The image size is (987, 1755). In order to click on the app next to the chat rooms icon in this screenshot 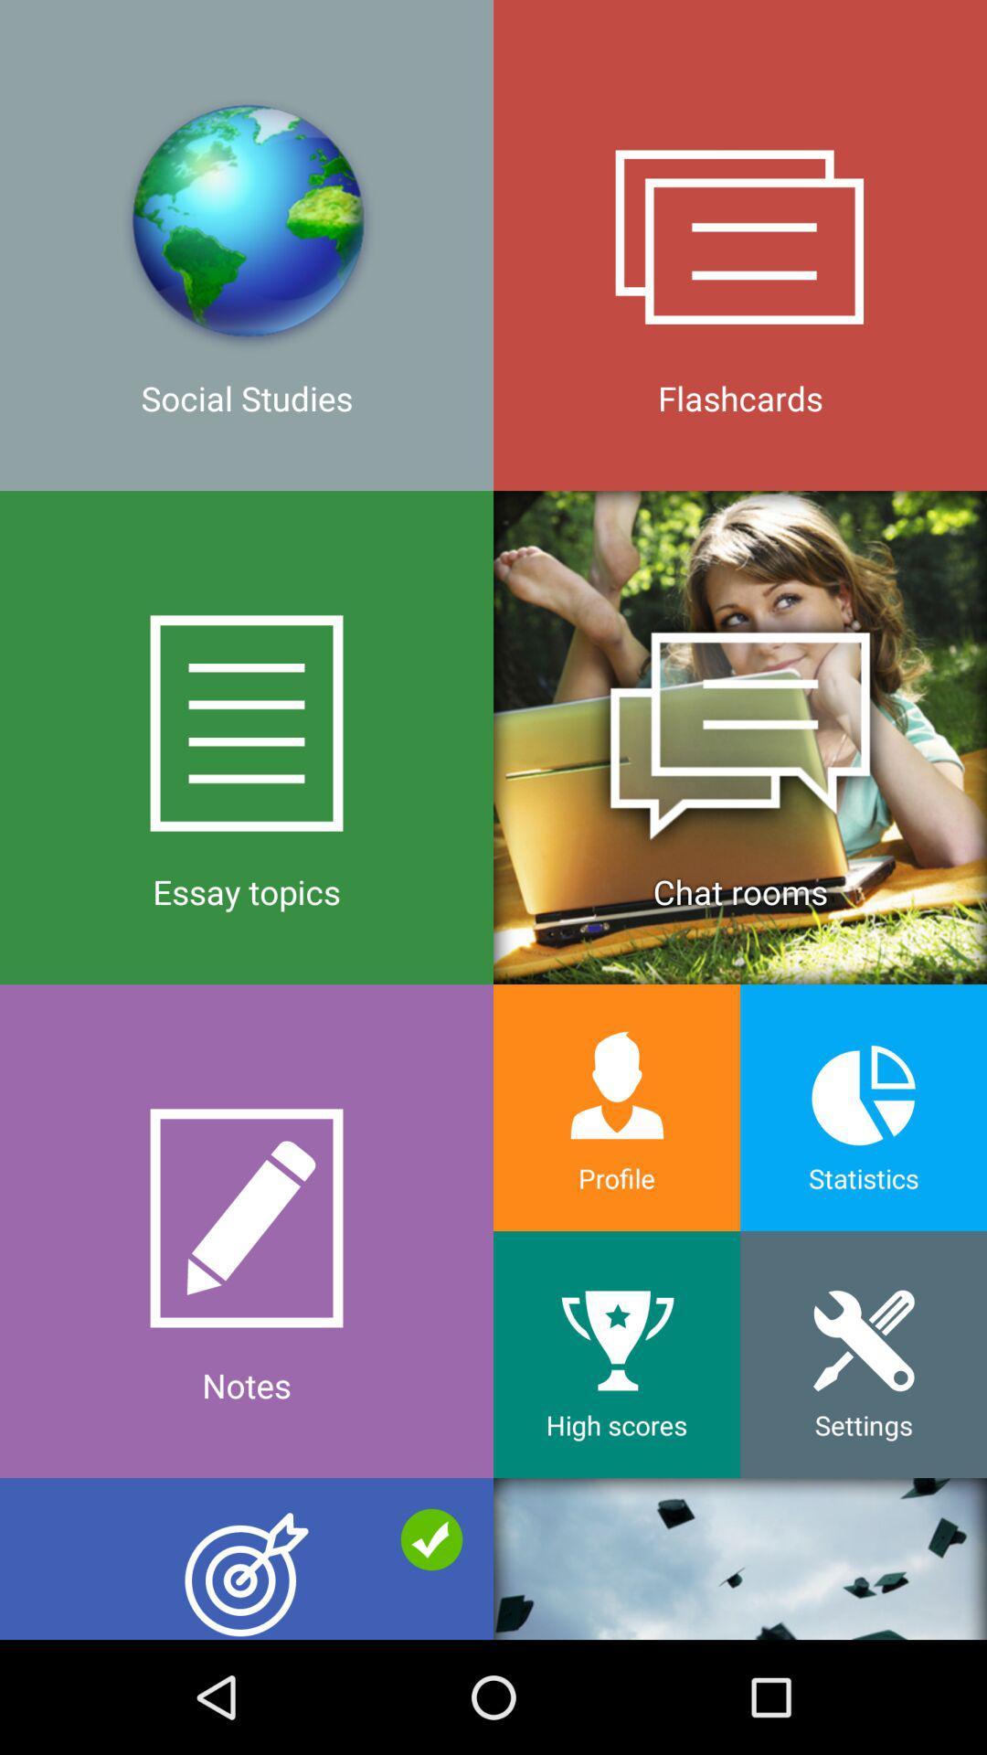, I will do `click(247, 1231)`.